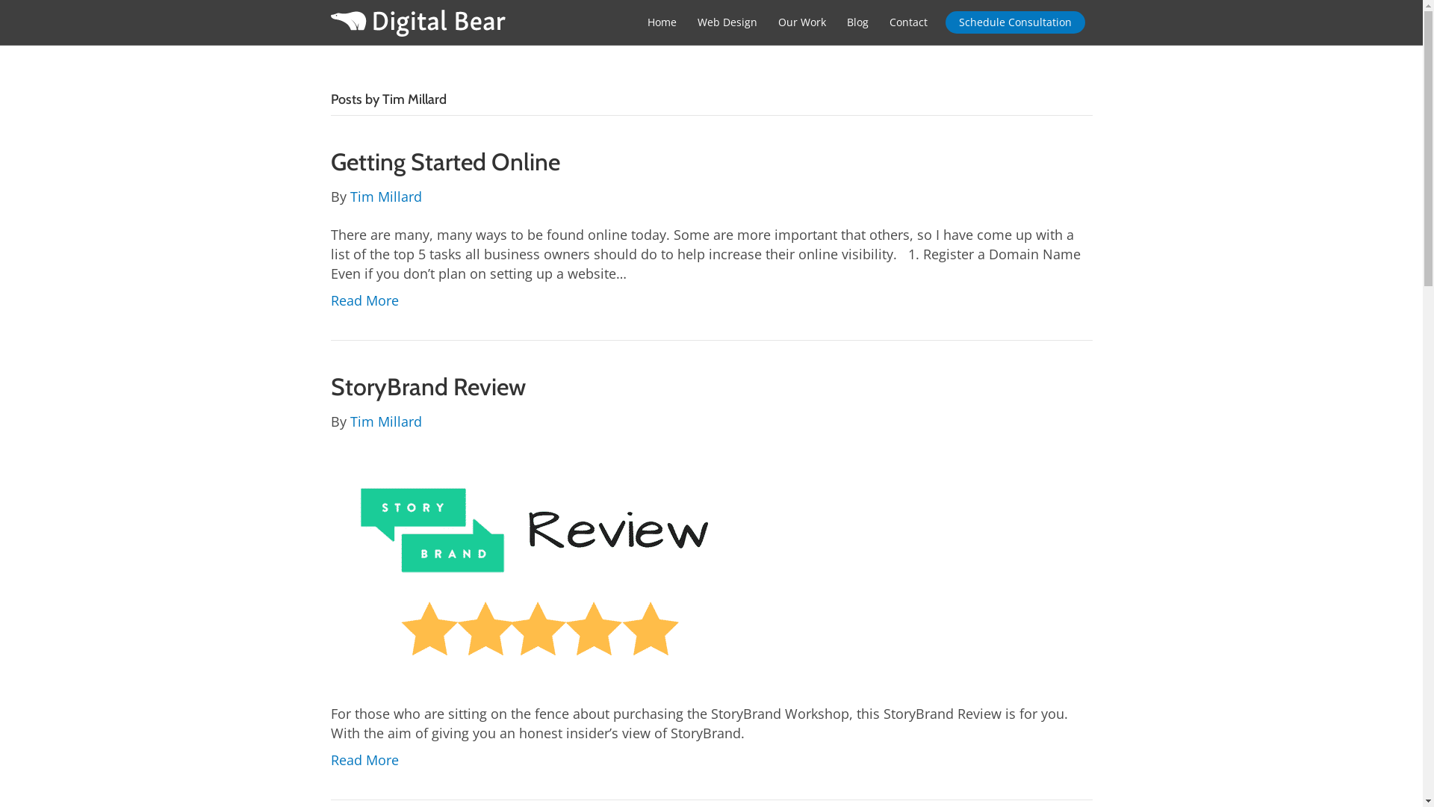  Describe the element at coordinates (364, 300) in the screenshot. I see `'Read More'` at that location.